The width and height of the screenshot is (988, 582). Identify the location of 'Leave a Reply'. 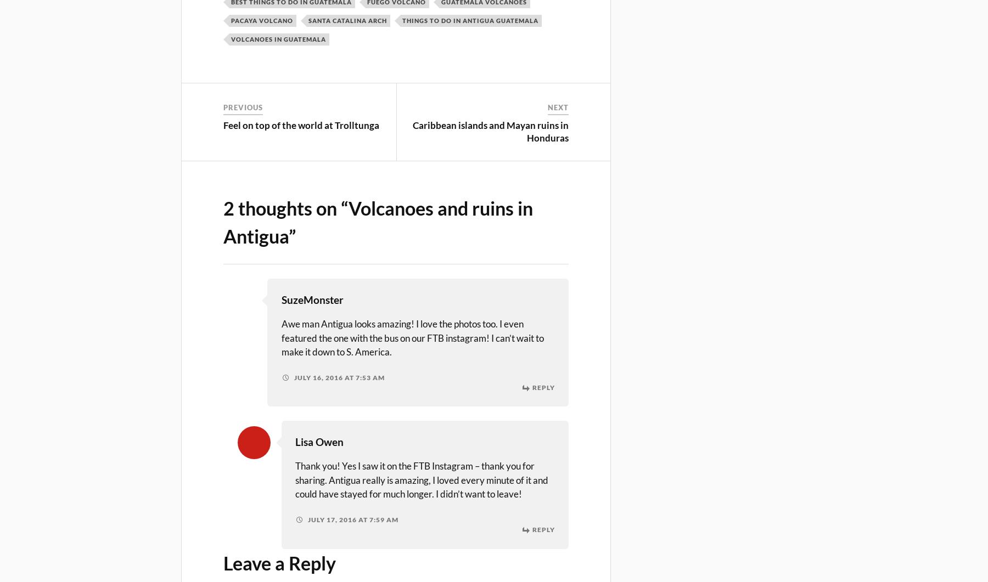
(223, 562).